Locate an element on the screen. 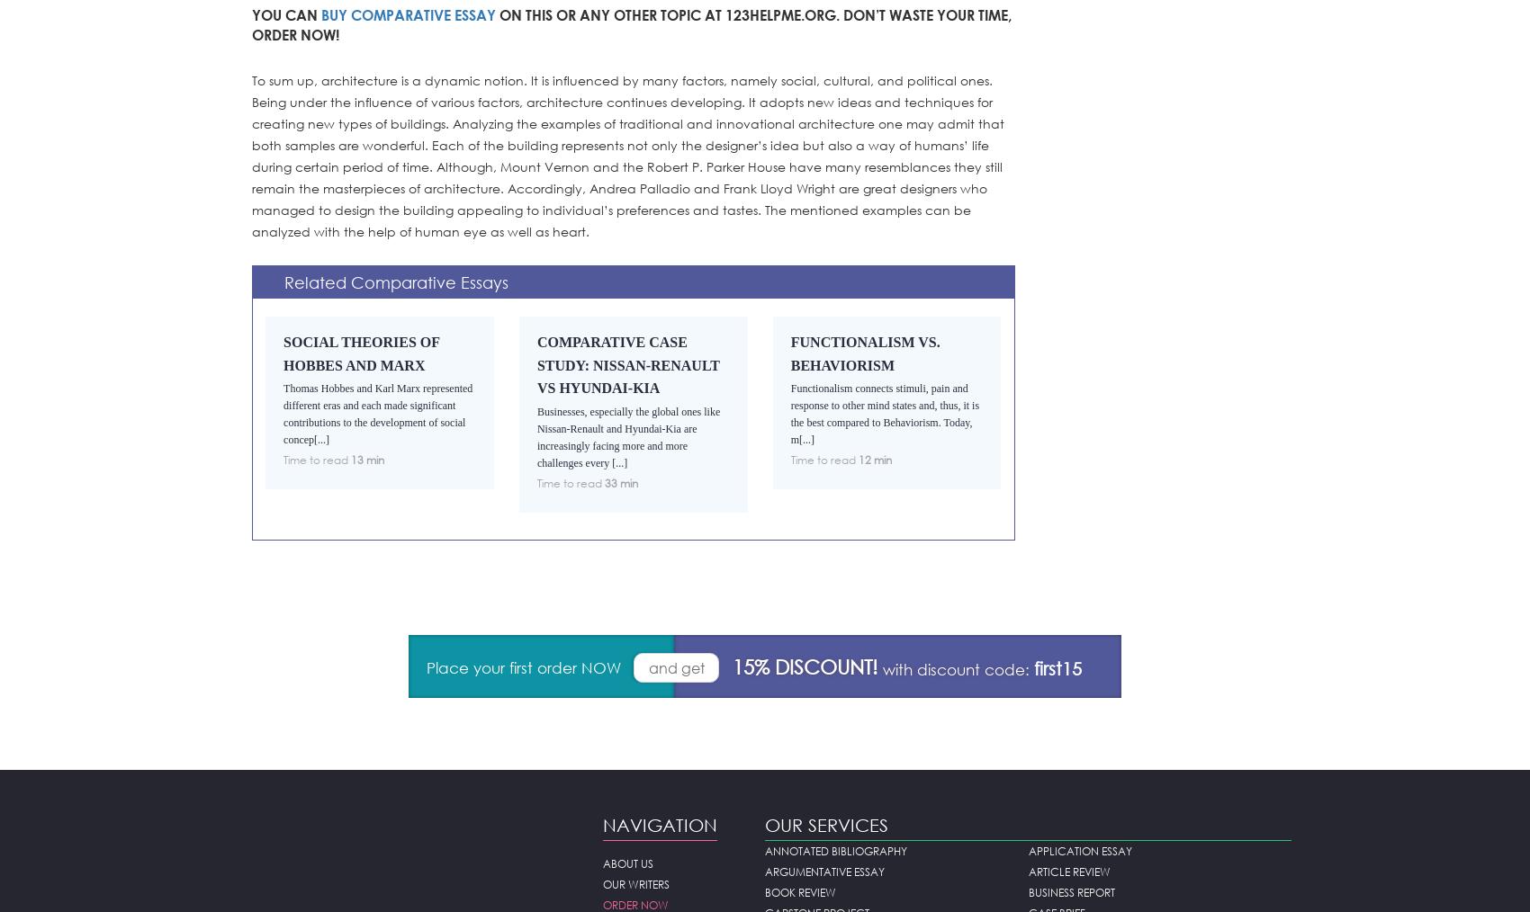  '33 min' is located at coordinates (620, 482).